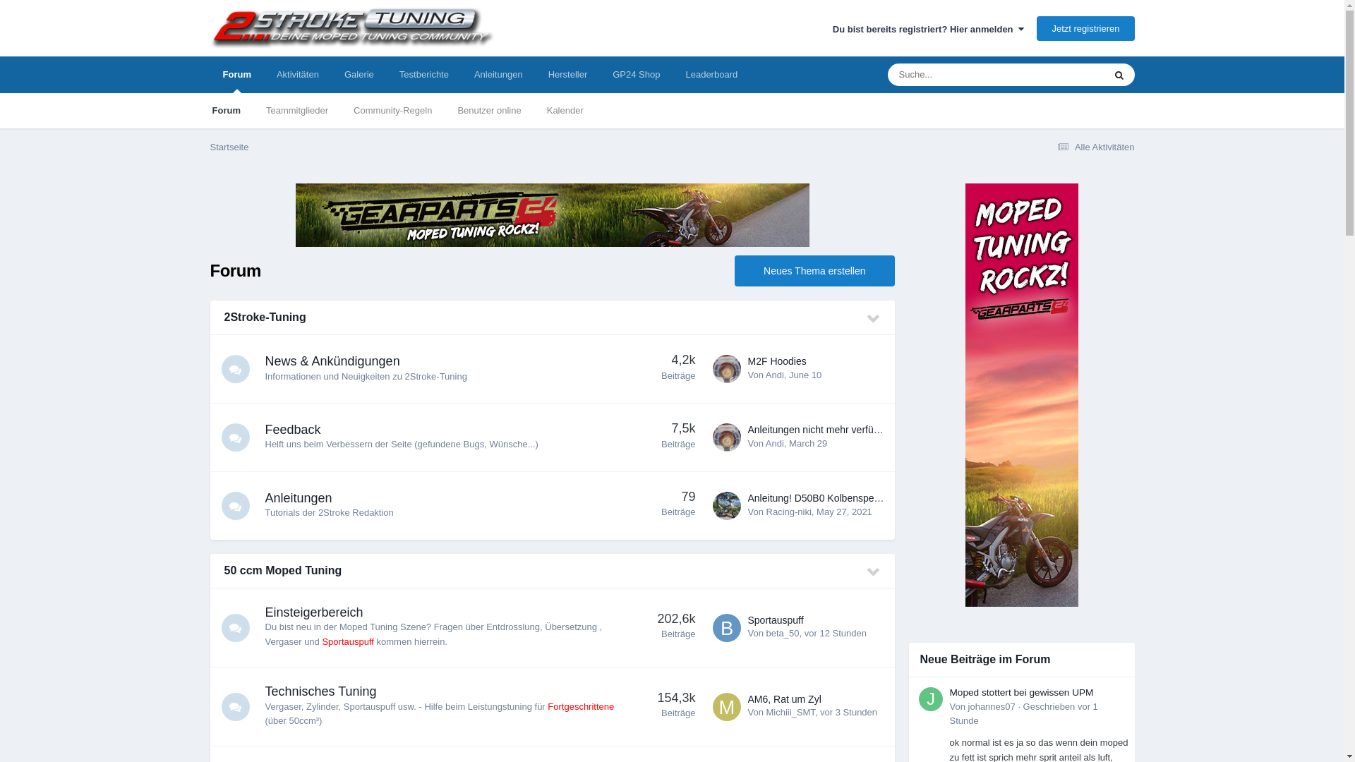 This screenshot has height=762, width=1355. What do you see at coordinates (949, 713) in the screenshot?
I see `'Geschrieben vor 1 Stunde'` at bounding box center [949, 713].